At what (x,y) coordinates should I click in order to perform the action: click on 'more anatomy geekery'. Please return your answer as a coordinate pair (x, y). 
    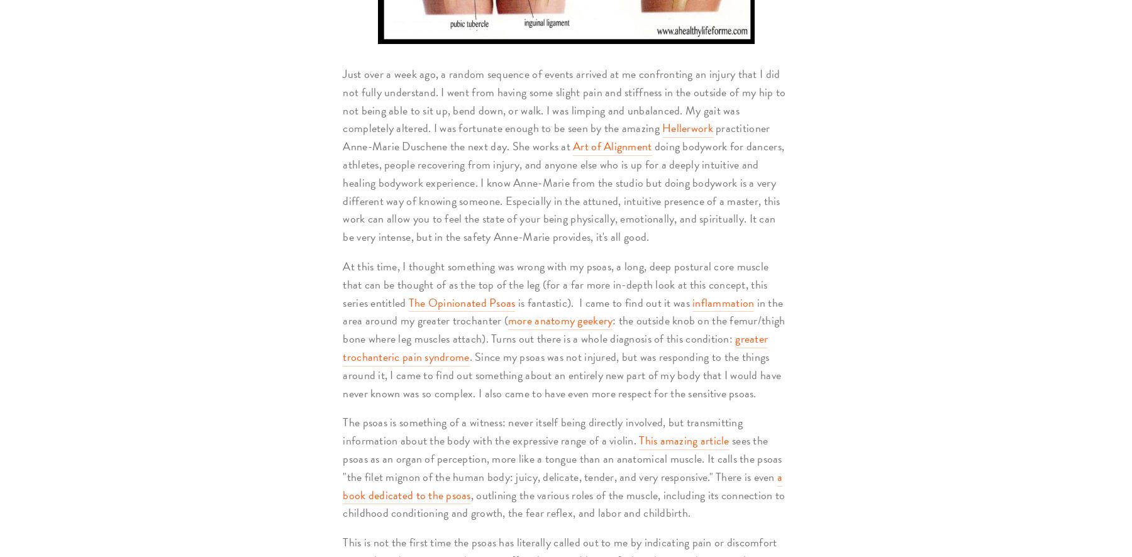
    Looking at the image, I should click on (560, 319).